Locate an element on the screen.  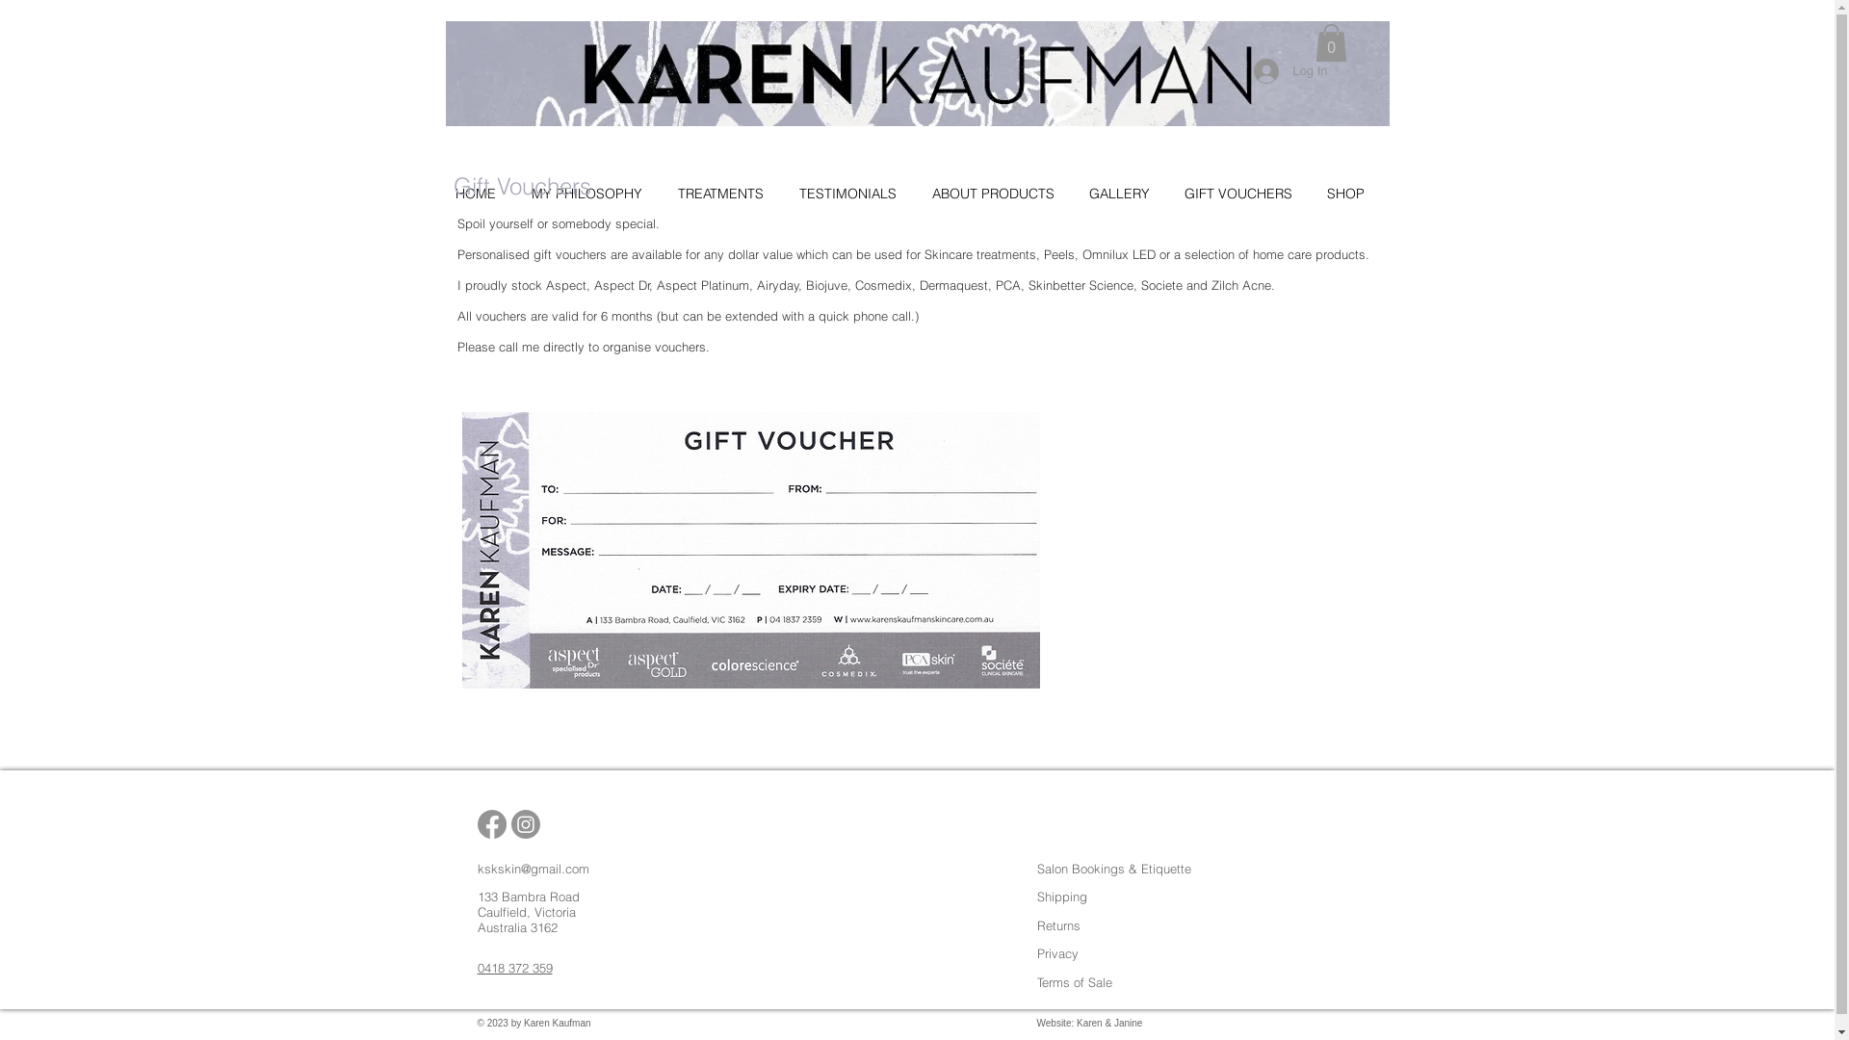
'kskskin@gmail.com' is located at coordinates (533, 869).